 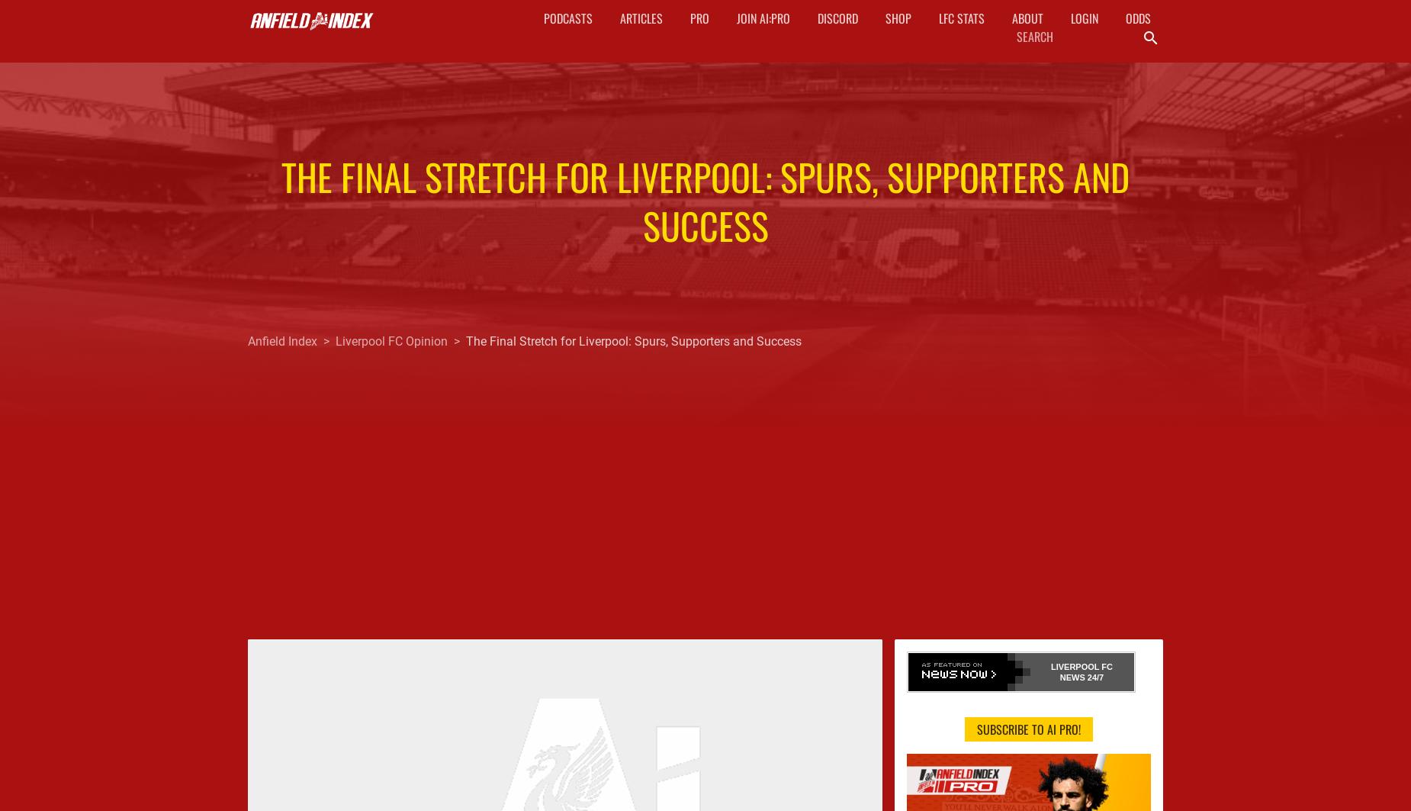 I want to click on 'Login', so click(x=1083, y=18).